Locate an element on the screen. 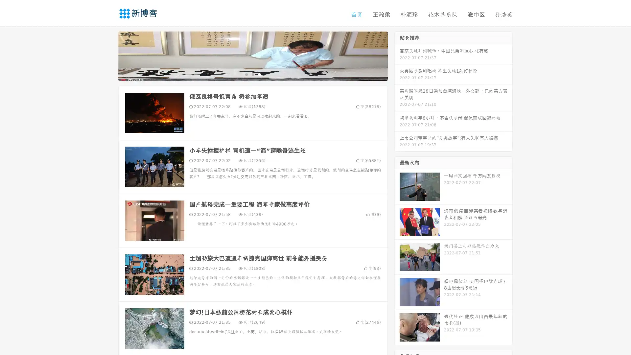 This screenshot has height=355, width=631. Next slide is located at coordinates (397, 55).